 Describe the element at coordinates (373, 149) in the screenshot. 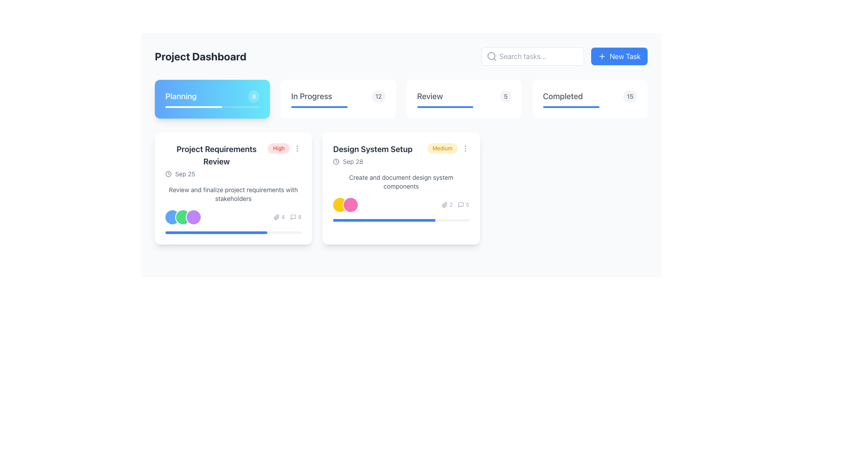

I see `text label 'Design System Setup' which is prominently displayed at the top of the card, centrally aligned above the text 'Sep 28'` at that location.